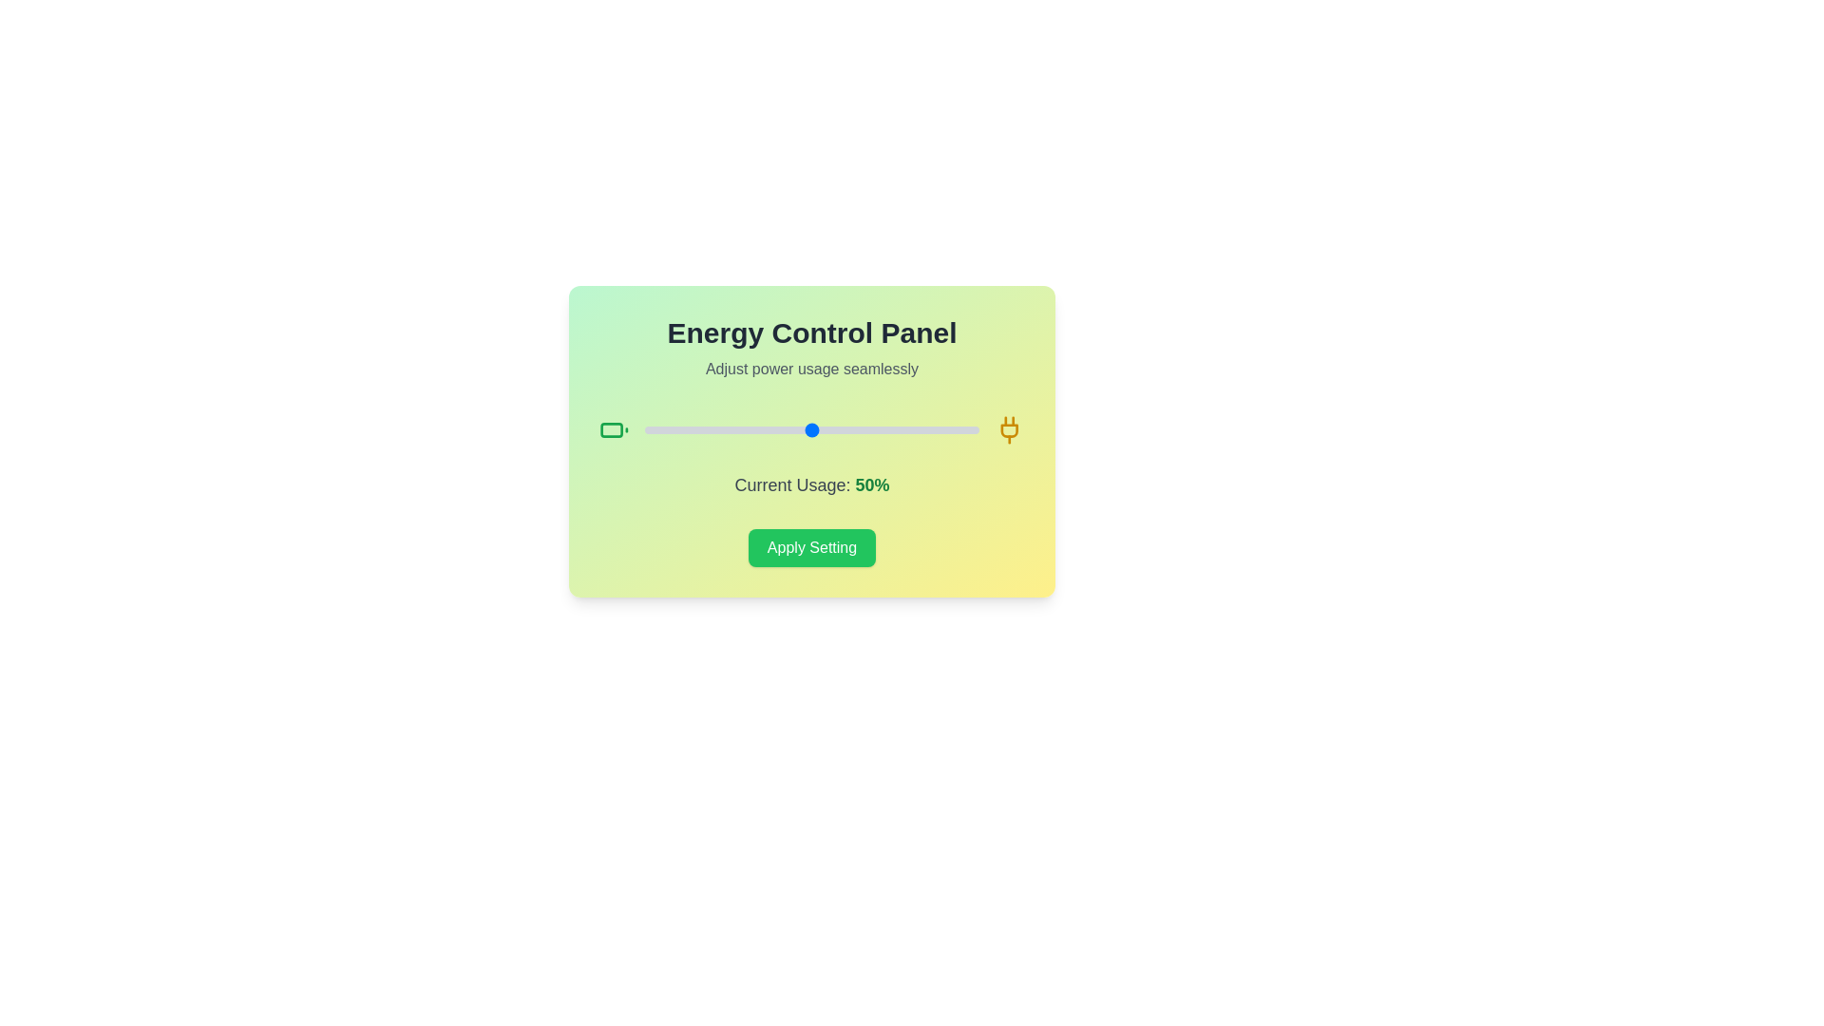 This screenshot has width=1824, height=1026. I want to click on the current usage, so click(737, 429).